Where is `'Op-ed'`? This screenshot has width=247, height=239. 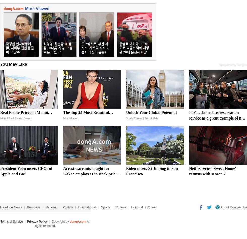 'Op-ed' is located at coordinates (152, 207).